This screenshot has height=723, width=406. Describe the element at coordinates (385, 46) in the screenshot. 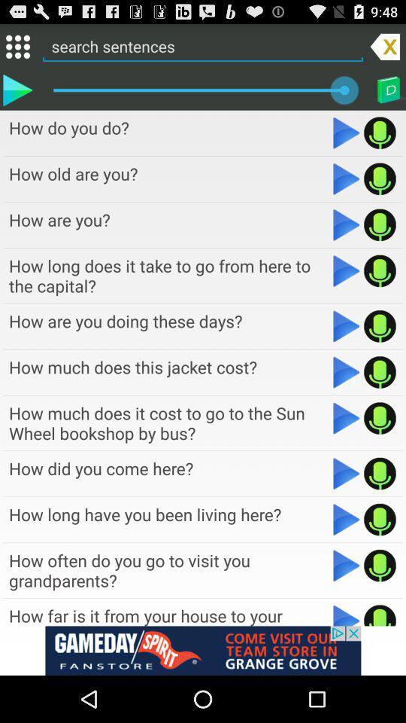

I see `remove sentence` at that location.